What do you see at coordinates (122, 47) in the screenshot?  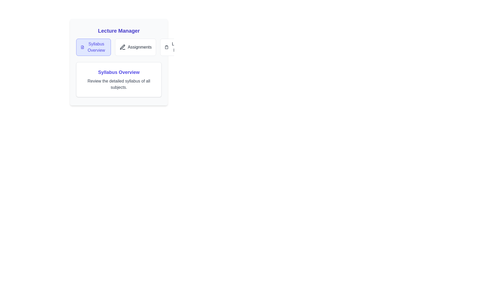 I see `the pen icon representing a writing tool located to the left of the 'Assignments' label in the Lecture Manager interface` at bounding box center [122, 47].